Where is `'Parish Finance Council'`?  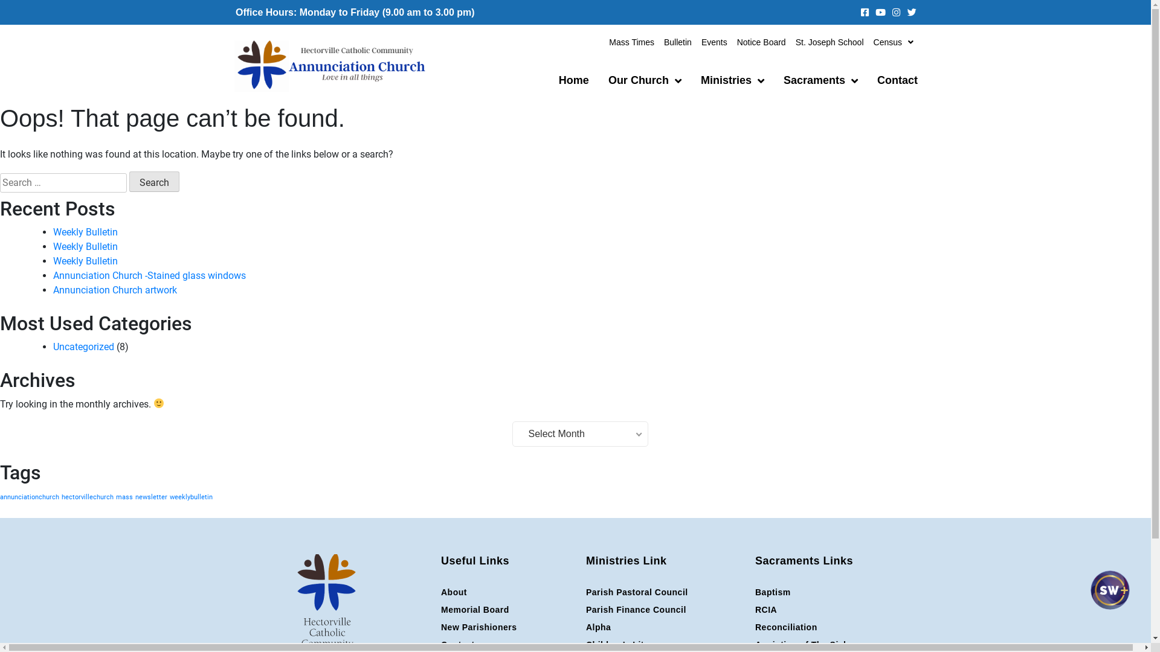
'Parish Finance Council' is located at coordinates (663, 610).